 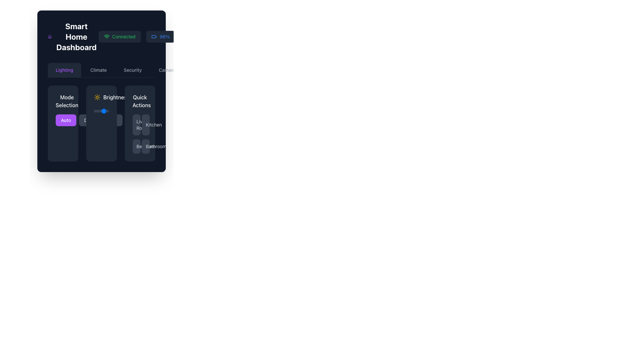 What do you see at coordinates (140, 124) in the screenshot?
I see `the 'Living Room' button within the 'Quick Actions' widget, which is positioned in the rightmost column of the interface` at bounding box center [140, 124].